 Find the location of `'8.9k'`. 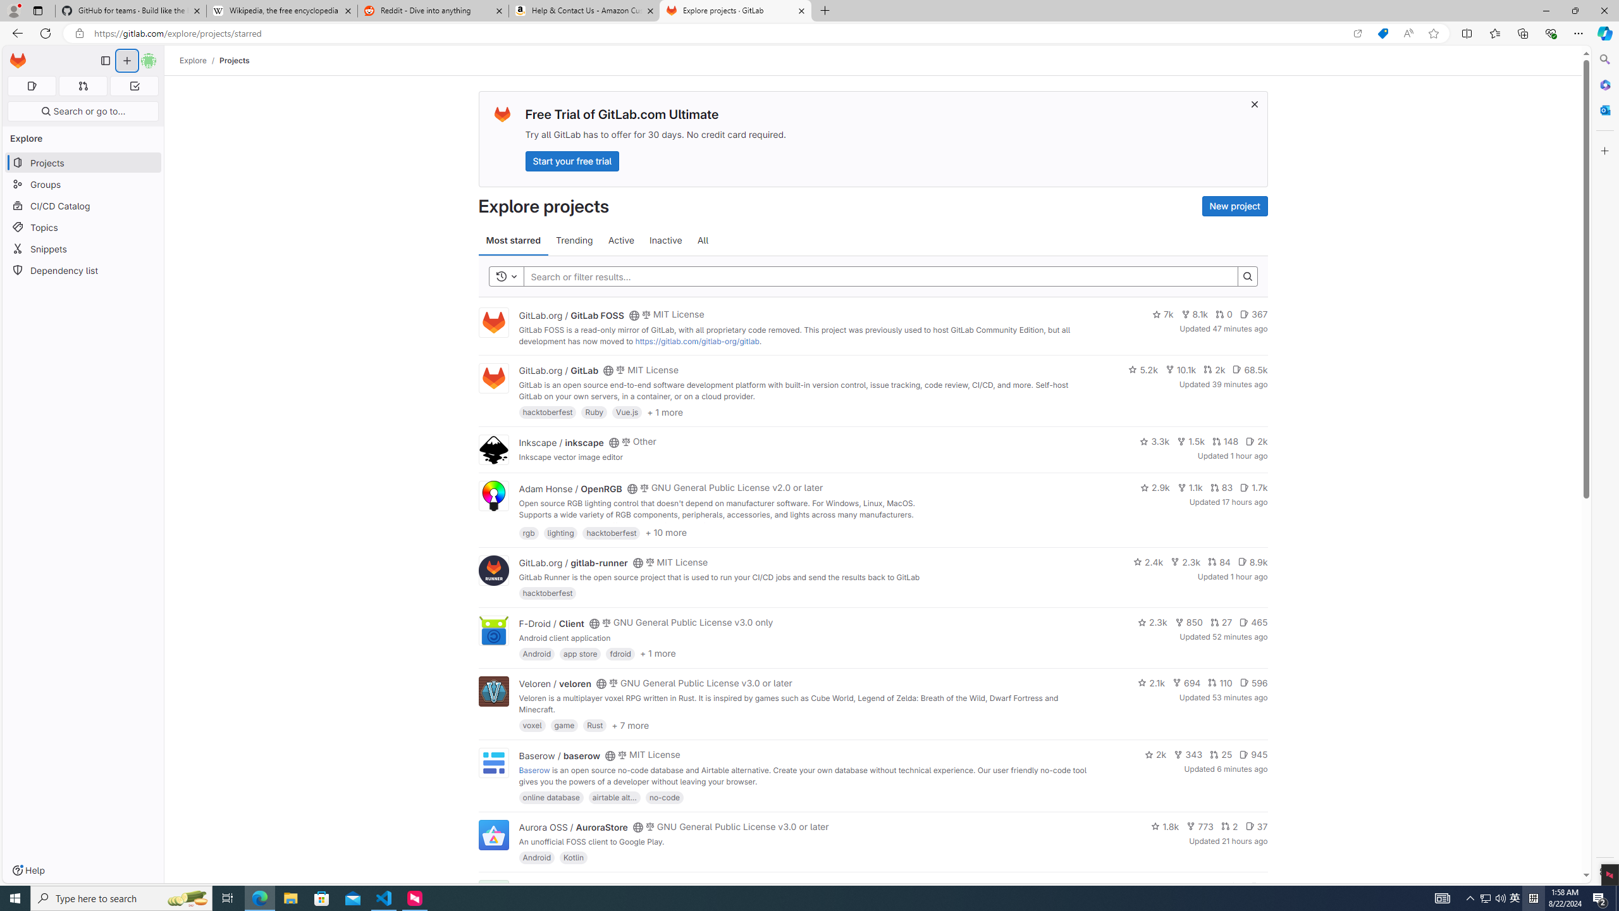

'8.9k' is located at coordinates (1252, 561).